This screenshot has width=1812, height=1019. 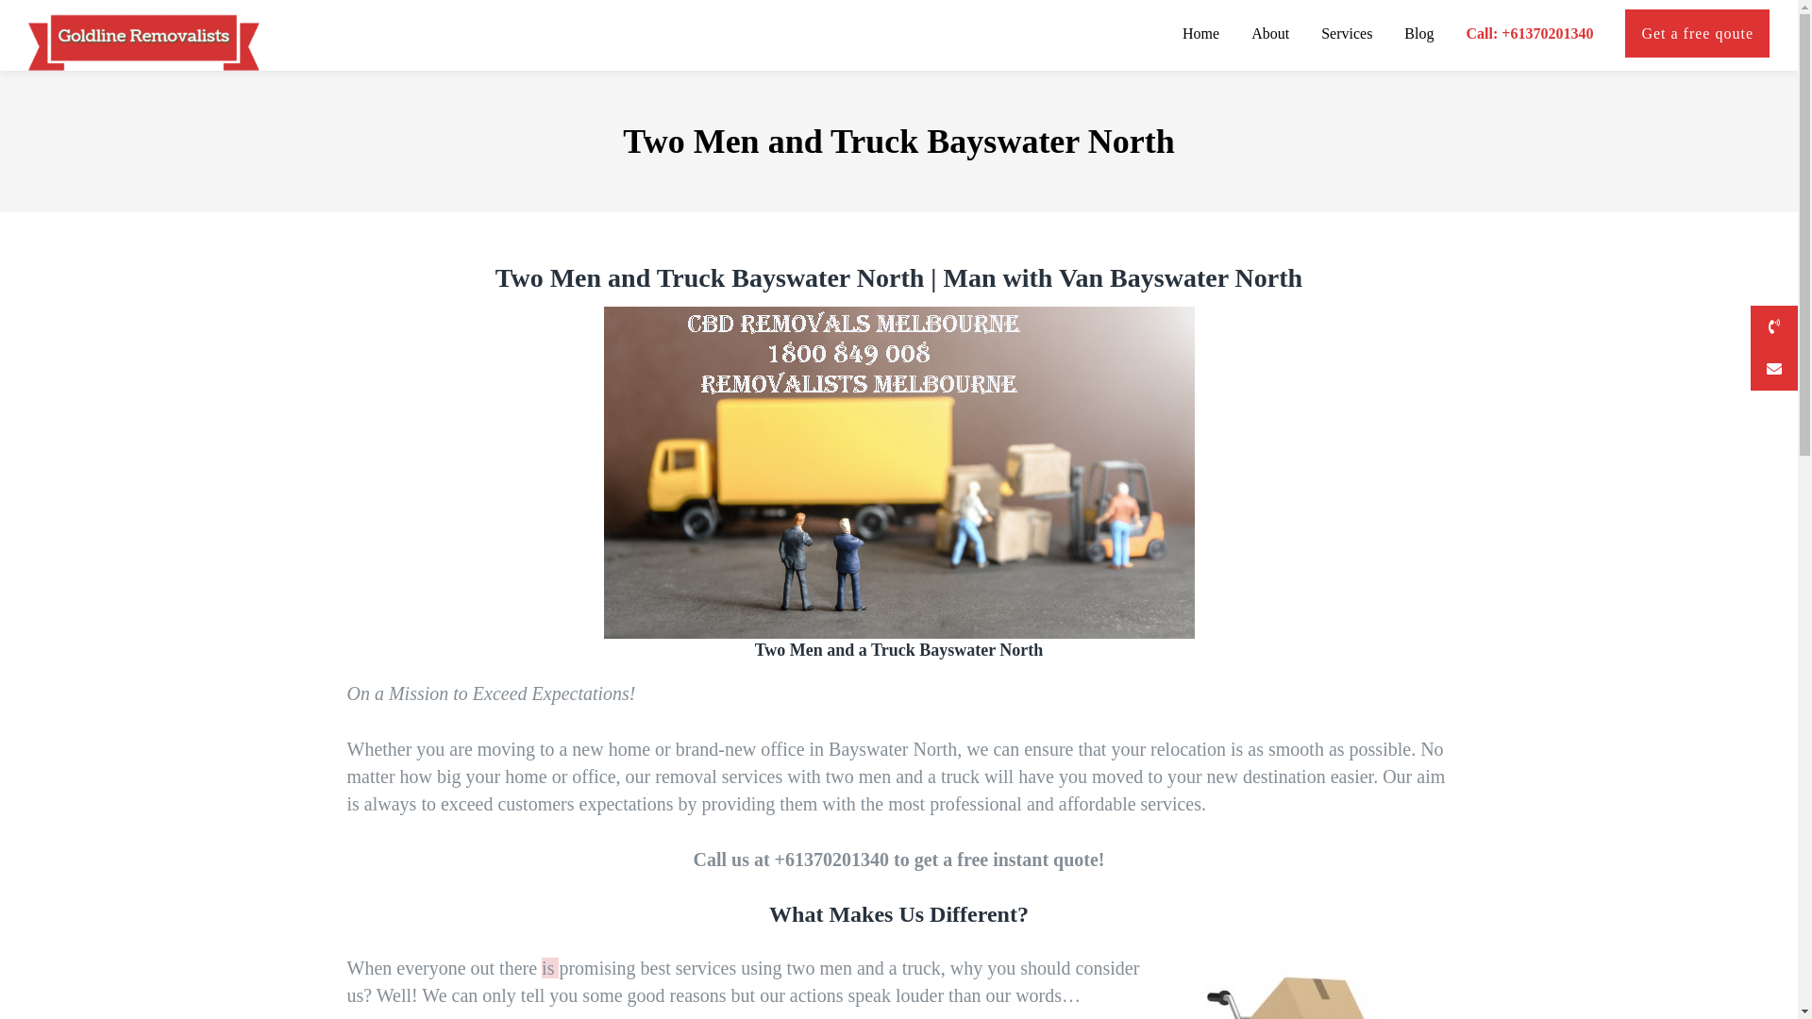 I want to click on 'Blog', so click(x=1393, y=35).